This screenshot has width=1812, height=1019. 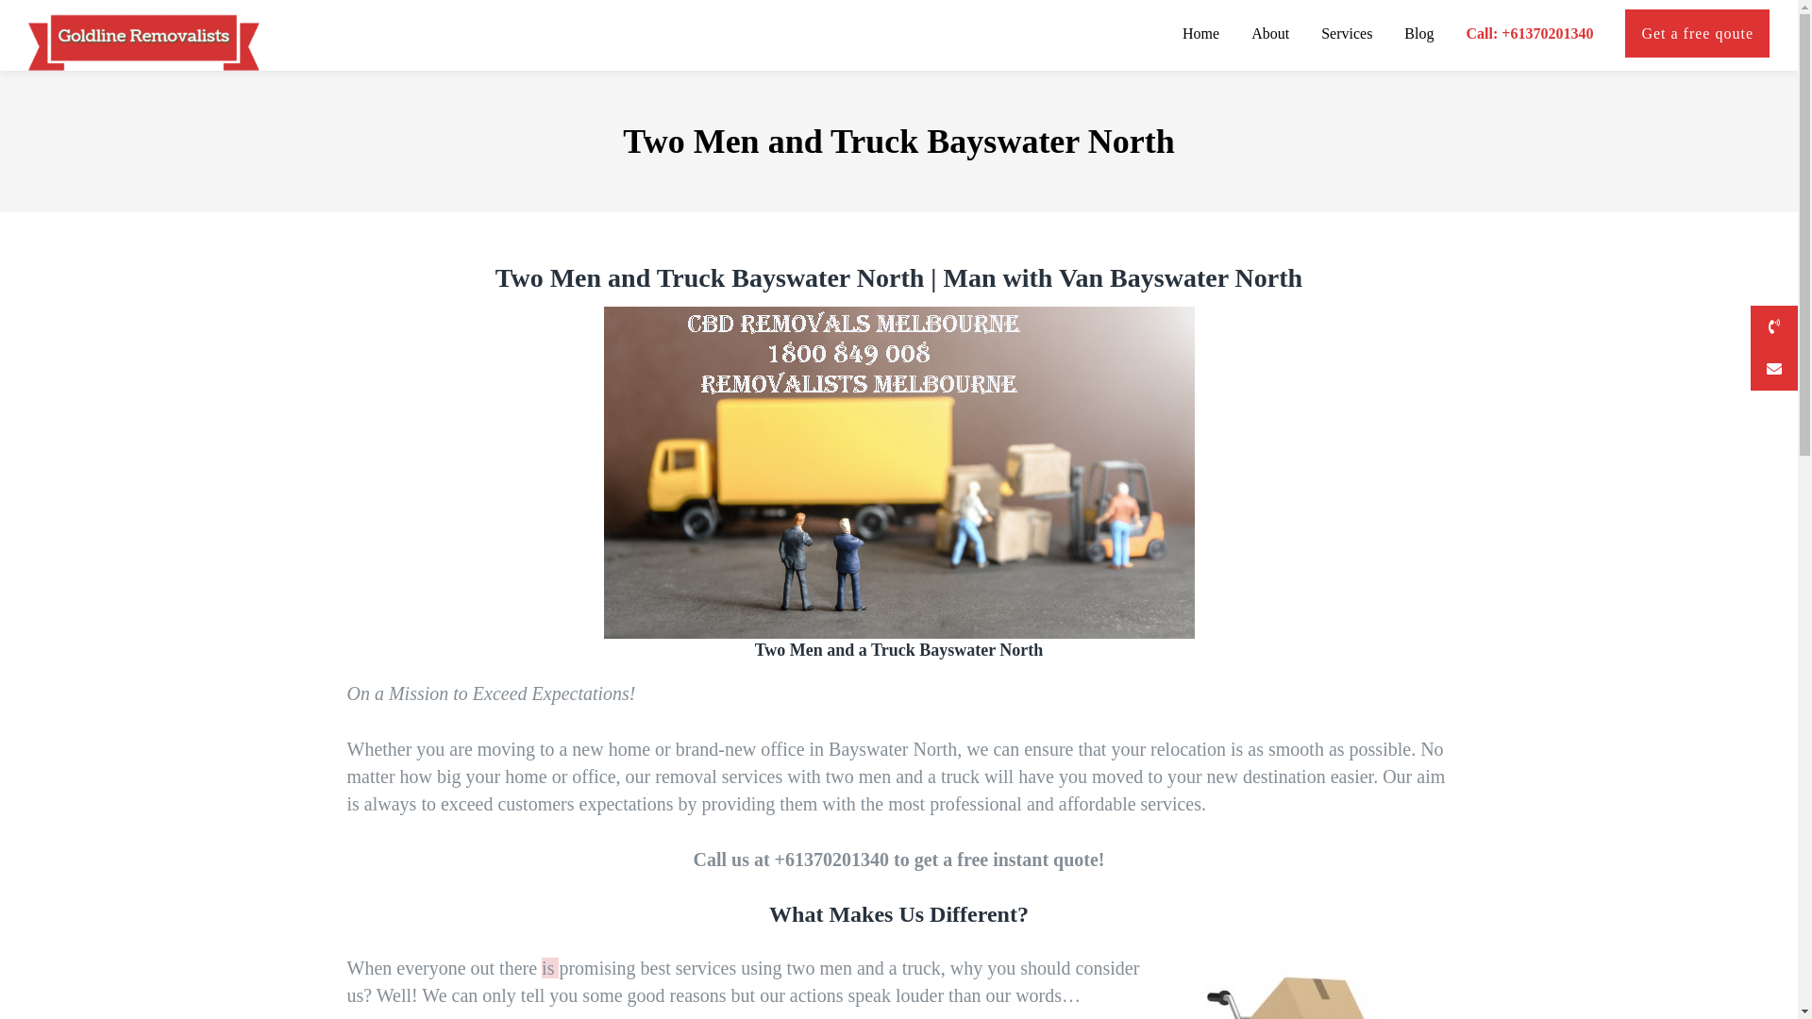 I want to click on 'Blog', so click(x=1393, y=35).